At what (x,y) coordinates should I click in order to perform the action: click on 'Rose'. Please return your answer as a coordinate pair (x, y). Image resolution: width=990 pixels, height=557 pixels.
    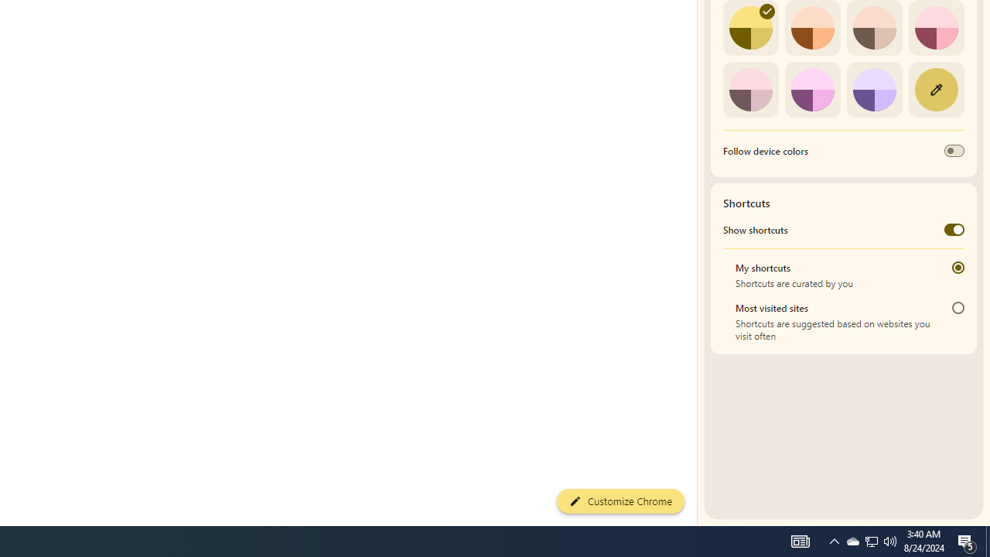
    Looking at the image, I should click on (935, 28).